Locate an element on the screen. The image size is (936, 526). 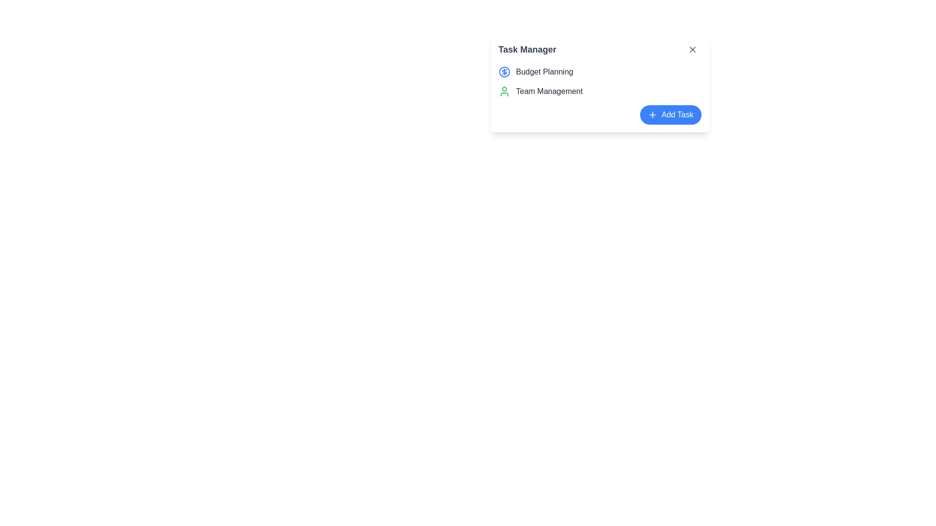
the 'Add Task' icon located to the left of the 'Add Task' text label to initiate the addition-related functionality is located at coordinates (652, 114).